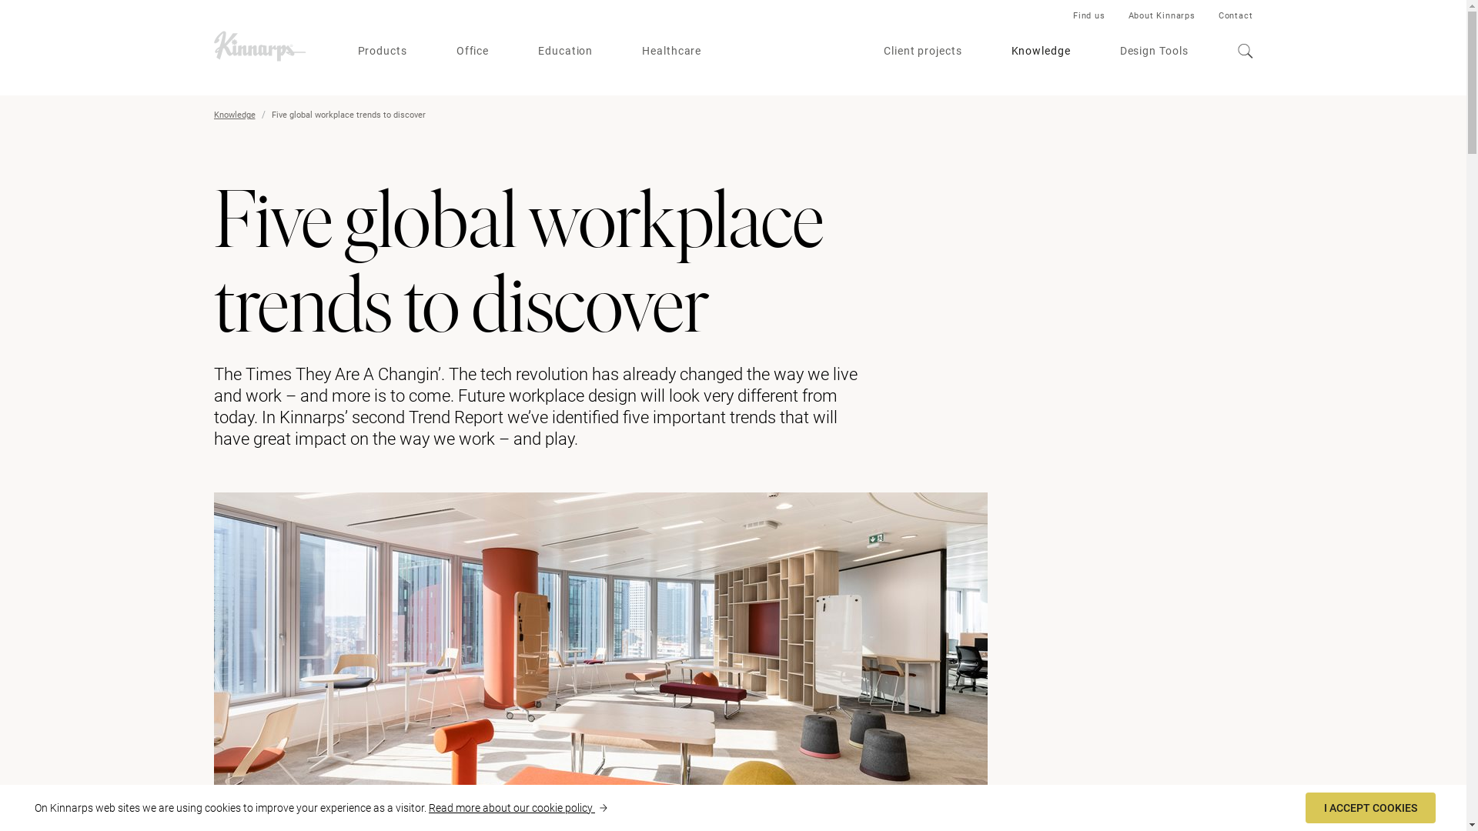 The width and height of the screenshot is (1478, 831). What do you see at coordinates (1128, 15) in the screenshot?
I see `'About Kinnarps'` at bounding box center [1128, 15].